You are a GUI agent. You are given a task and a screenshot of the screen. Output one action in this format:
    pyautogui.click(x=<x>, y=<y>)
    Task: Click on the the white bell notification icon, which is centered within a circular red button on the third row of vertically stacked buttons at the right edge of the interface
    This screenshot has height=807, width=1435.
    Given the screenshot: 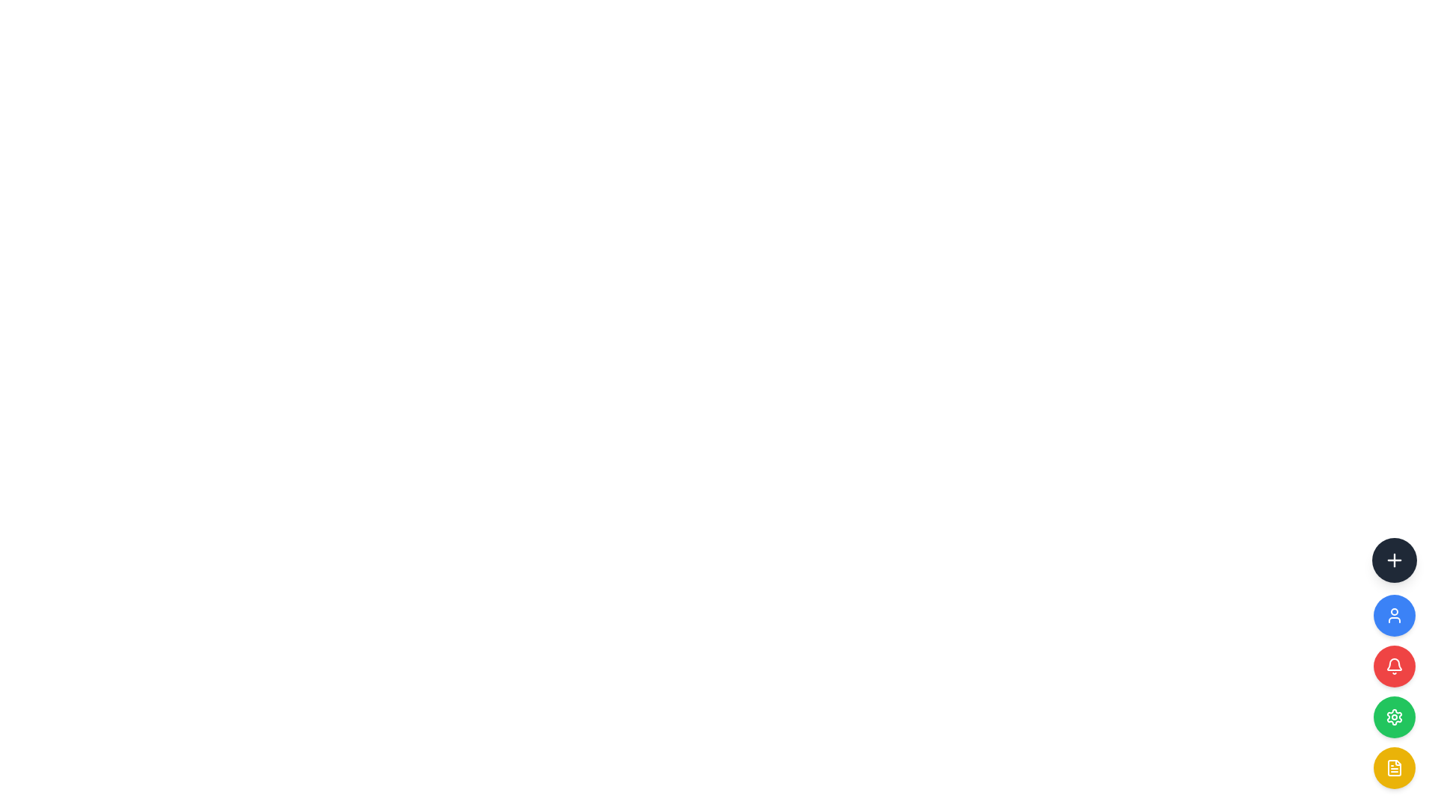 What is the action you would take?
    pyautogui.click(x=1394, y=665)
    